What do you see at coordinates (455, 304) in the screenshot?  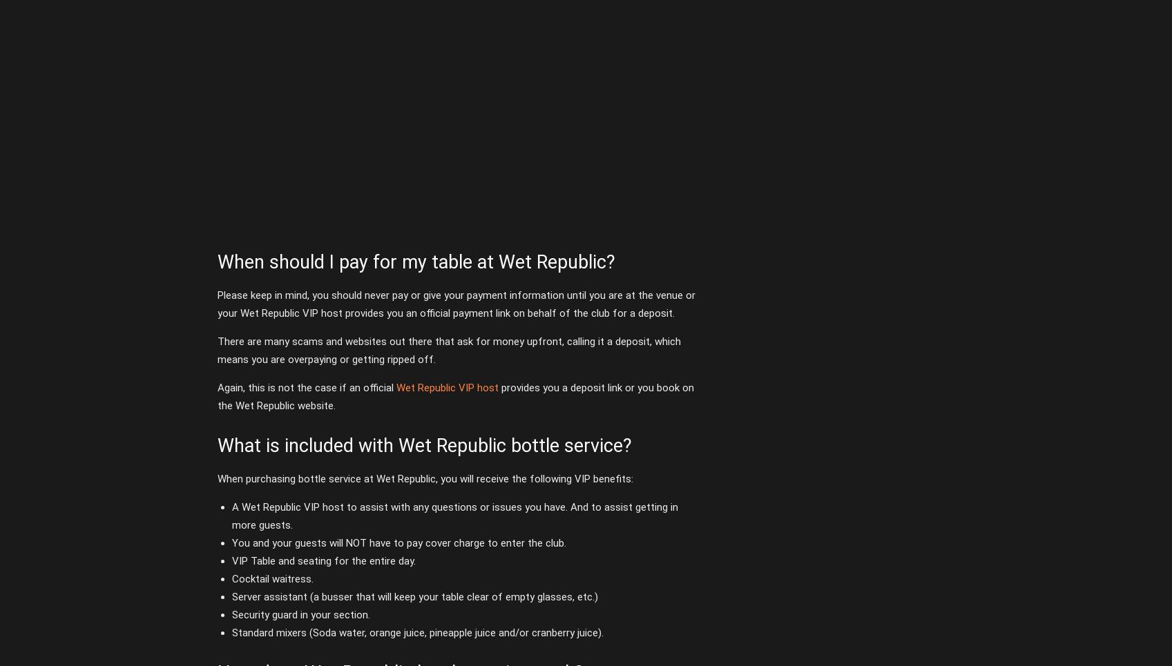 I see `'Please keep in mind, you should never pay or give your payment information until you are at the venue or your Wet Republic VIP host provides you an official payment link on behalf of the club for a deposit.'` at bounding box center [455, 304].